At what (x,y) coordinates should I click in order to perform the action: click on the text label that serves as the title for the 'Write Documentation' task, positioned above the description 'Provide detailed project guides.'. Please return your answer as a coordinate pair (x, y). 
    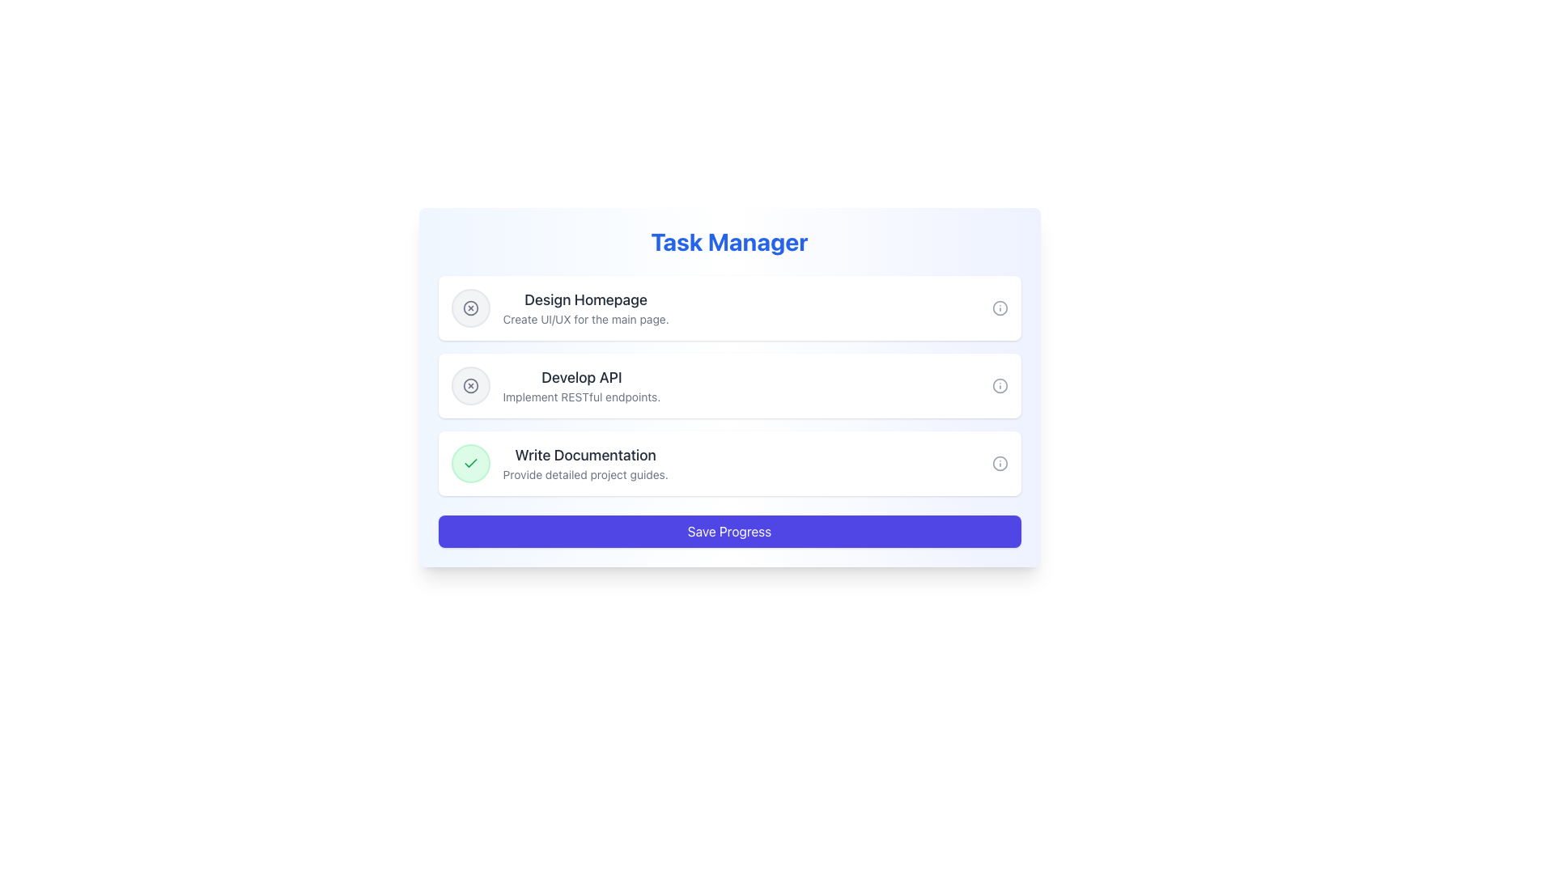
    Looking at the image, I should click on (584, 456).